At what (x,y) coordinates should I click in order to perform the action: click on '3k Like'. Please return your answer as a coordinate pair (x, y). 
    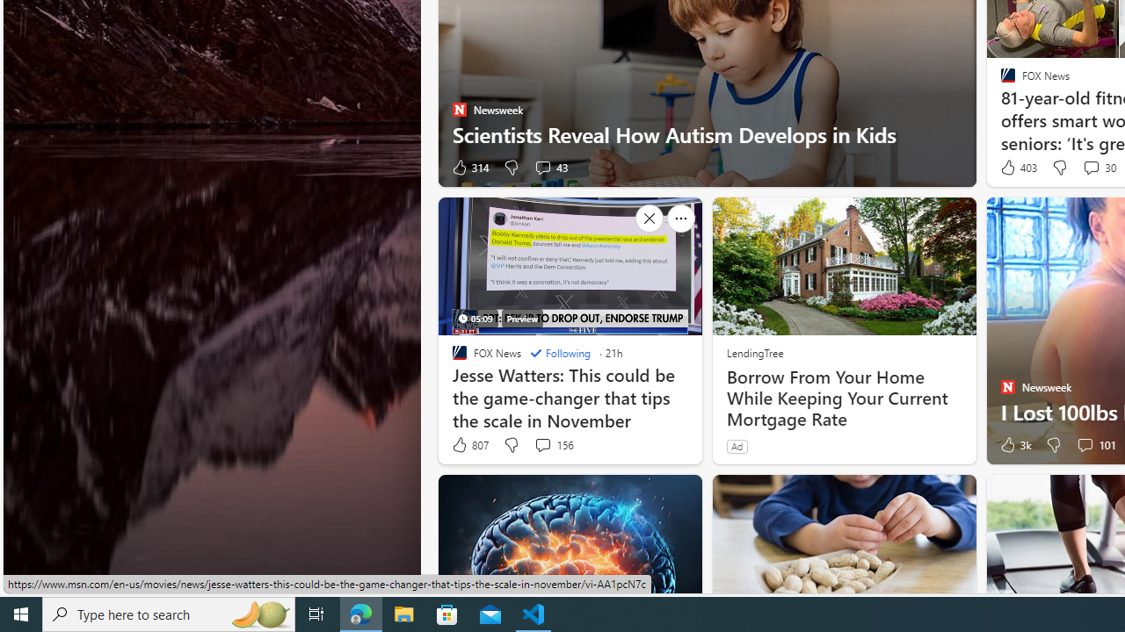
    Looking at the image, I should click on (1014, 444).